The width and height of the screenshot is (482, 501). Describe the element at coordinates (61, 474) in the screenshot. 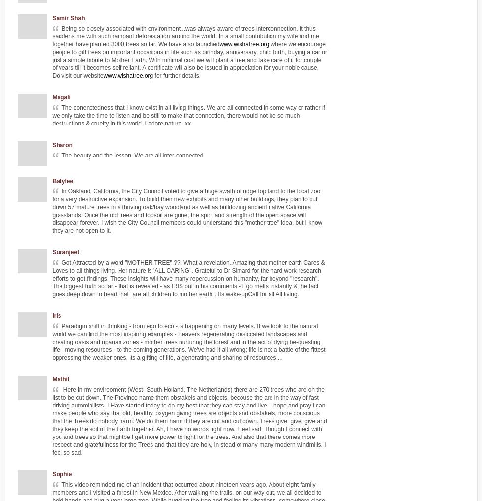

I see `'Sophie'` at that location.